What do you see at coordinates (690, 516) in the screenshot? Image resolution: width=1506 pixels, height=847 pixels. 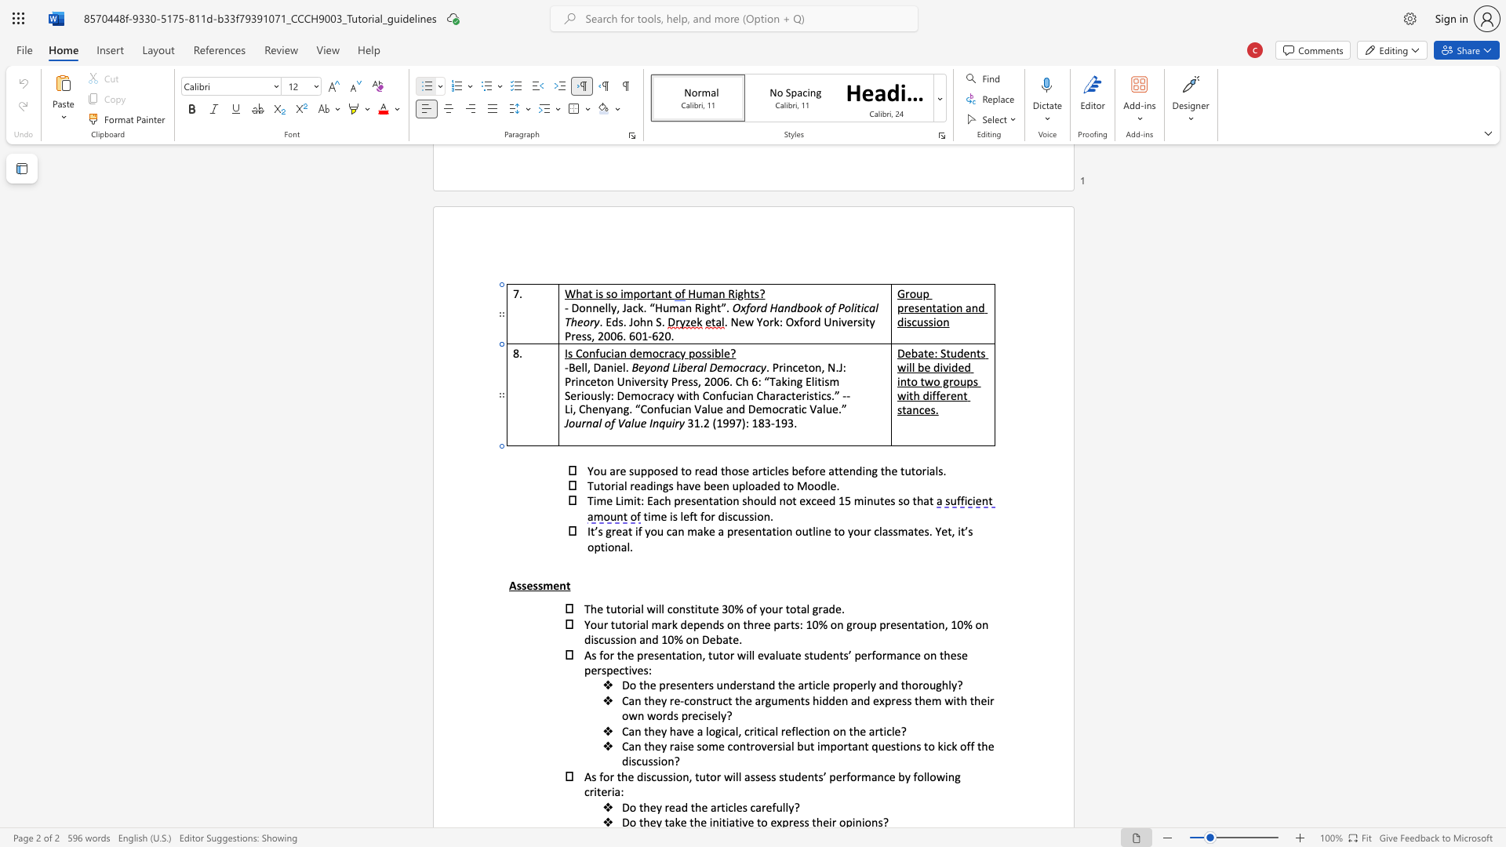 I see `the 1th character "f" in the text` at bounding box center [690, 516].